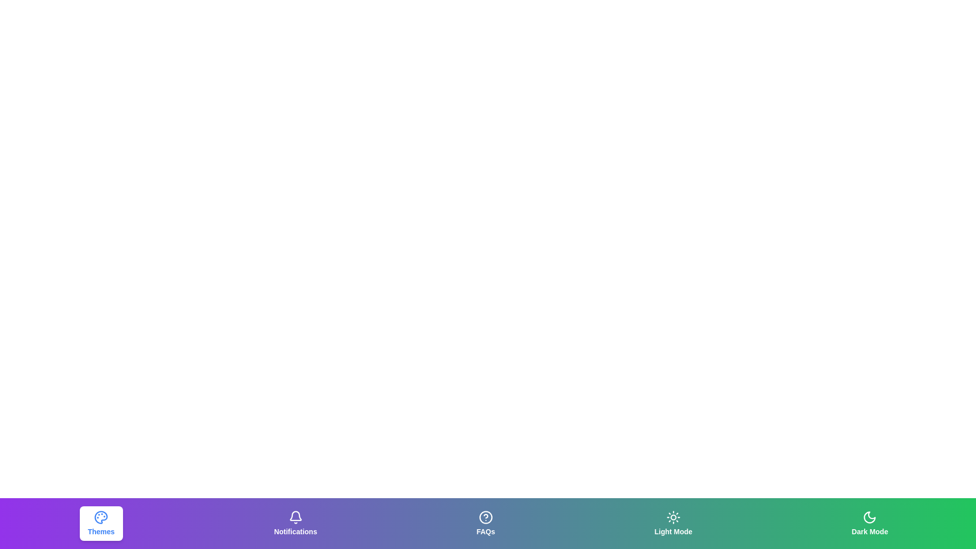 This screenshot has width=976, height=549. Describe the element at coordinates (869, 523) in the screenshot. I see `the Dark Mode tab to observe its hover effect` at that location.